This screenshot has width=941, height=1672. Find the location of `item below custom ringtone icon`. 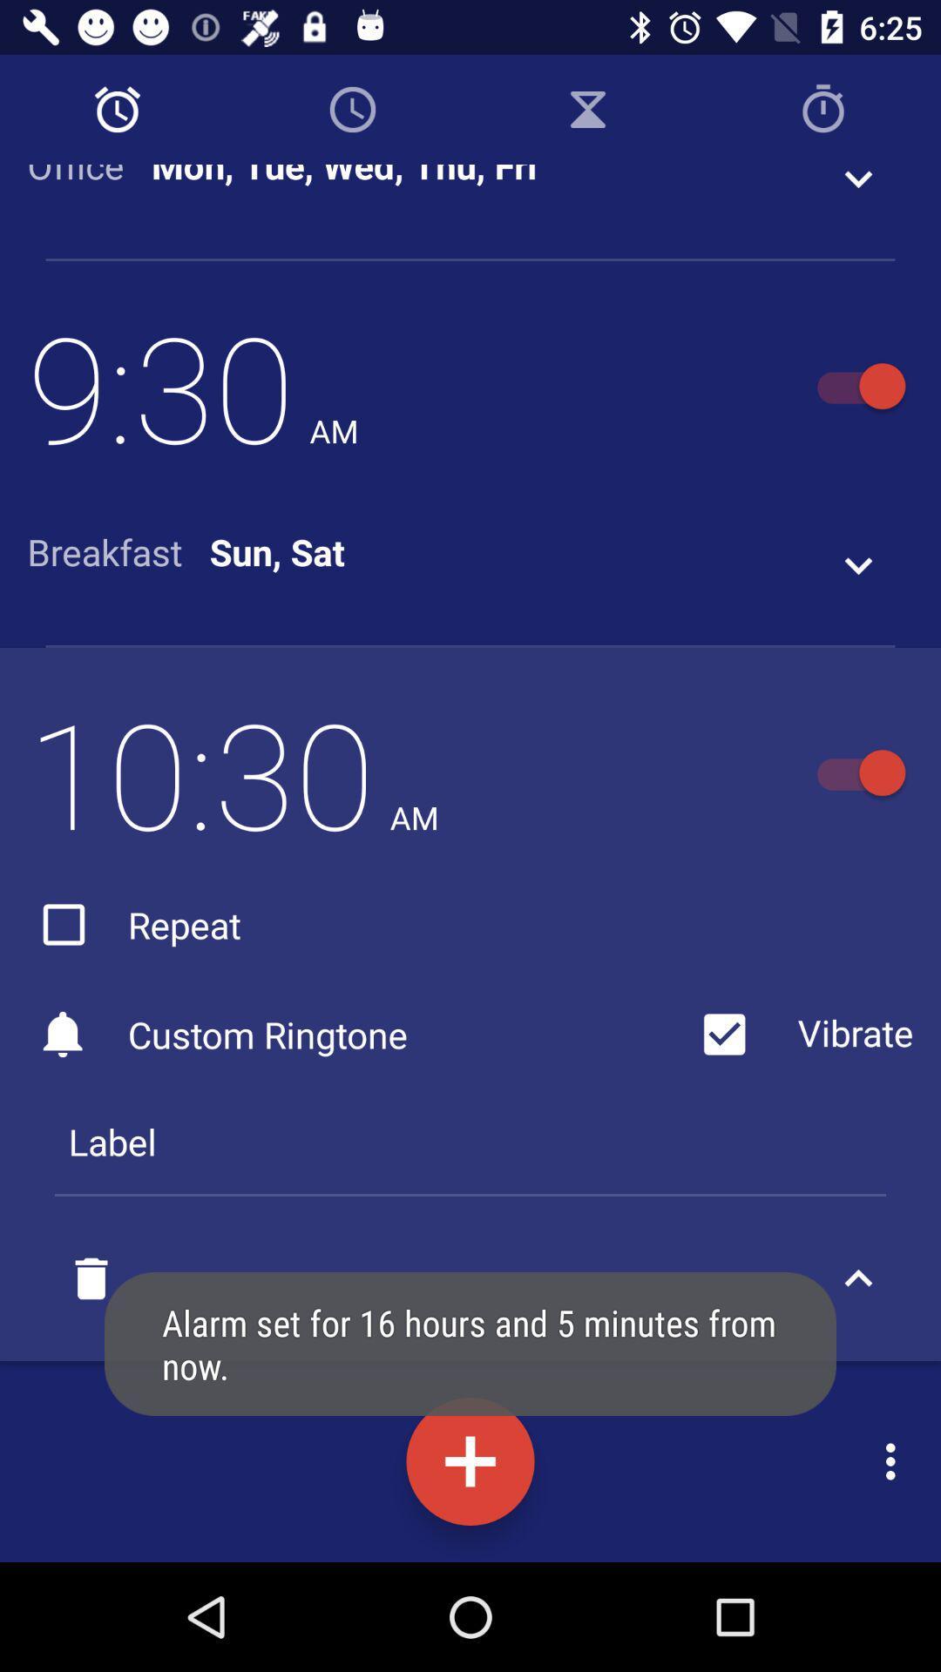

item below custom ringtone icon is located at coordinates (470, 1141).